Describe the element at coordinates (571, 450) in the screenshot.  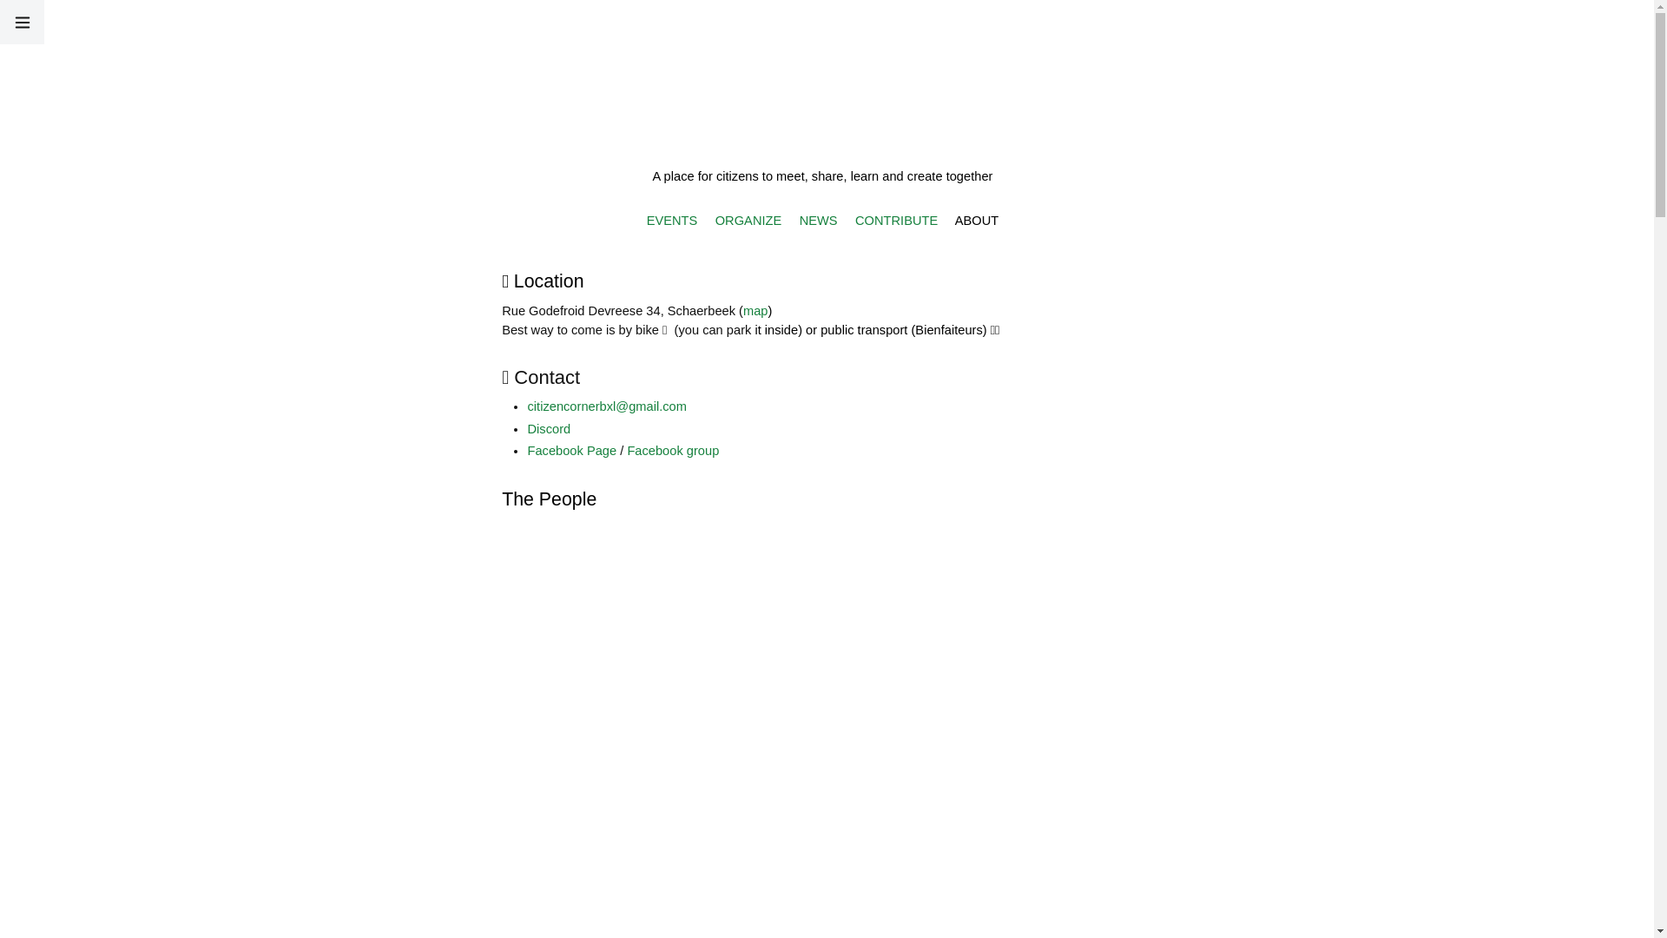
I see `'Facebook Page'` at that location.